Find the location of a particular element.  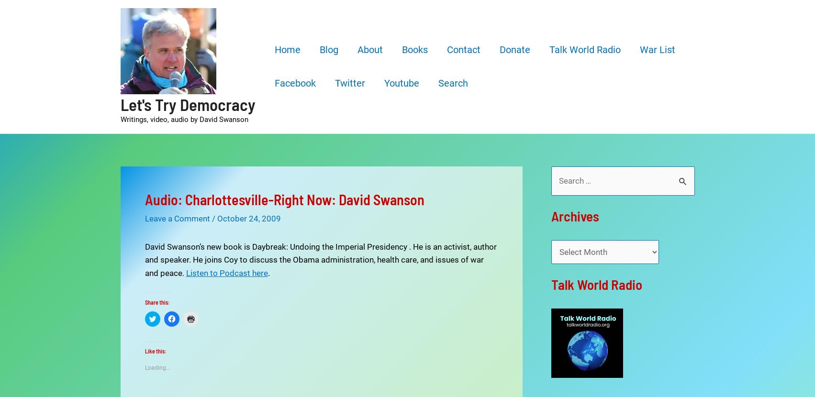

'Blog' is located at coordinates (328, 49).